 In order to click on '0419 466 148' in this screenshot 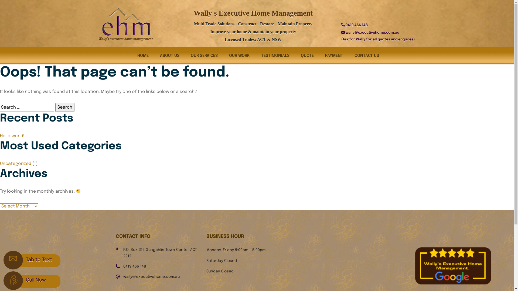, I will do `click(356, 25)`.